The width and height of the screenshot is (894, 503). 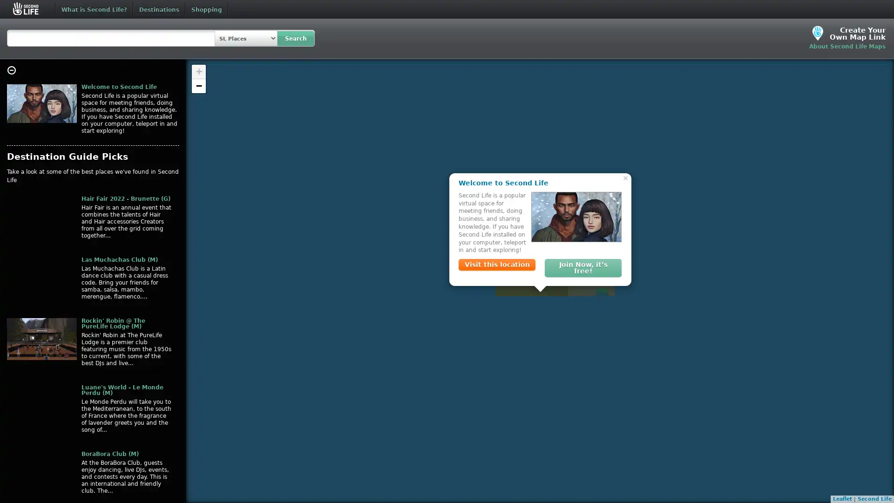 I want to click on Search, so click(x=295, y=39).